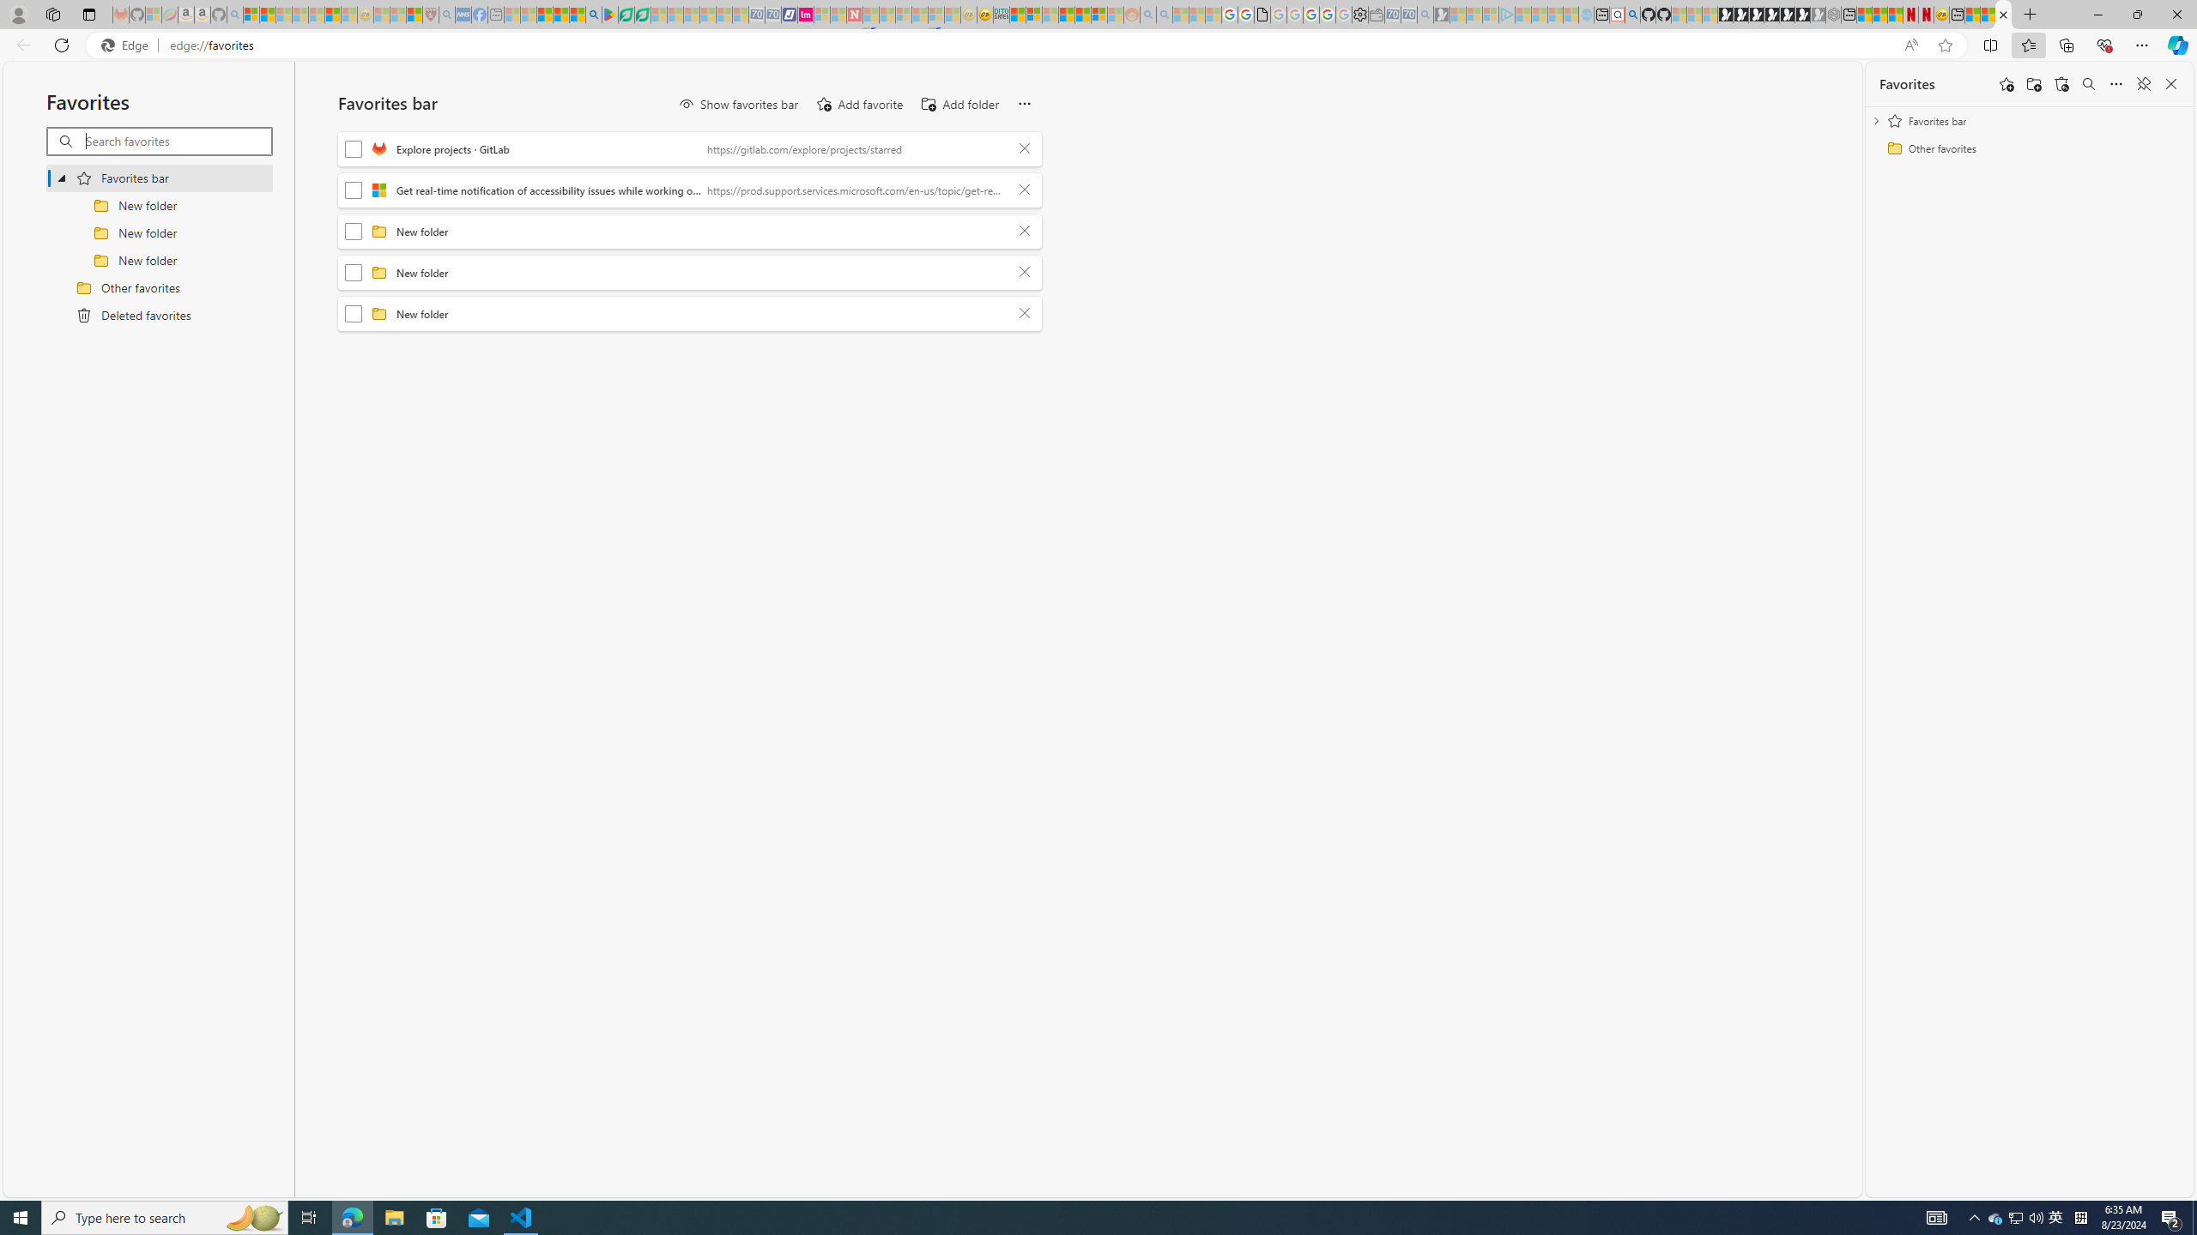  Describe the element at coordinates (2176, 44) in the screenshot. I see `'Copilot (Ctrl+Shift+.)'` at that location.